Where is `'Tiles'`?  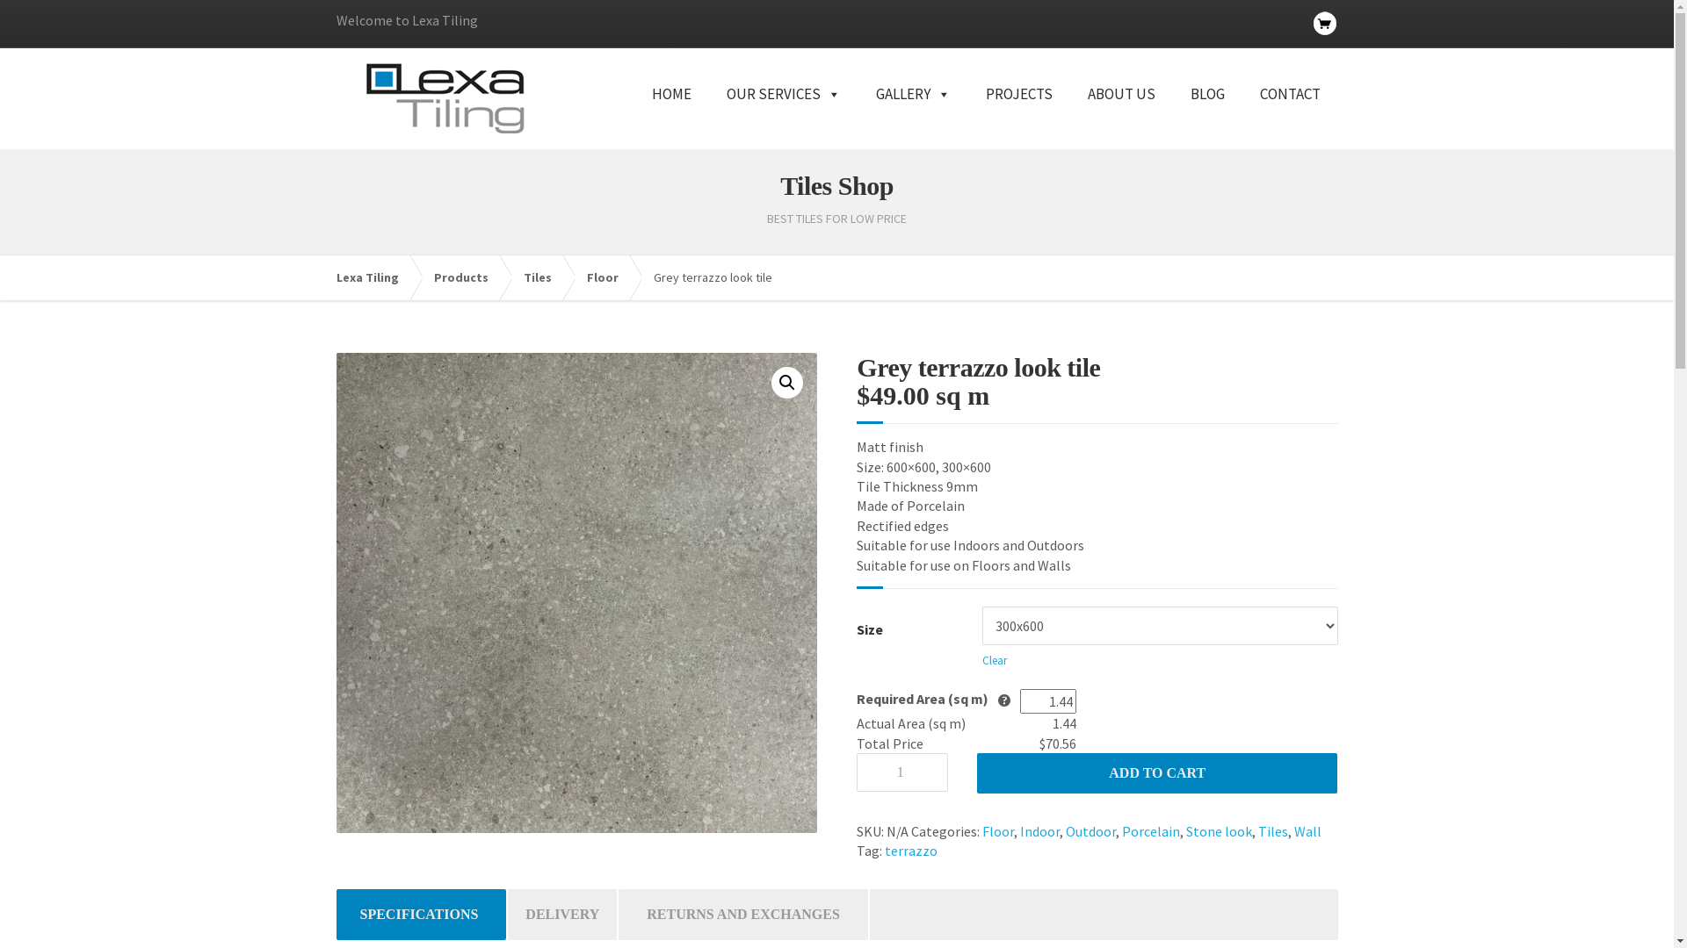
'Tiles' is located at coordinates (546, 276).